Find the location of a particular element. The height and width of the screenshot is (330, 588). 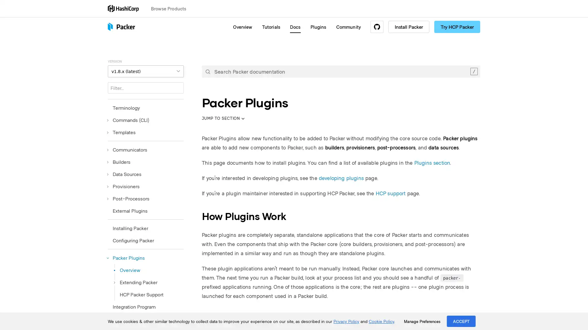

Clear the search query. is located at coordinates (473, 71).